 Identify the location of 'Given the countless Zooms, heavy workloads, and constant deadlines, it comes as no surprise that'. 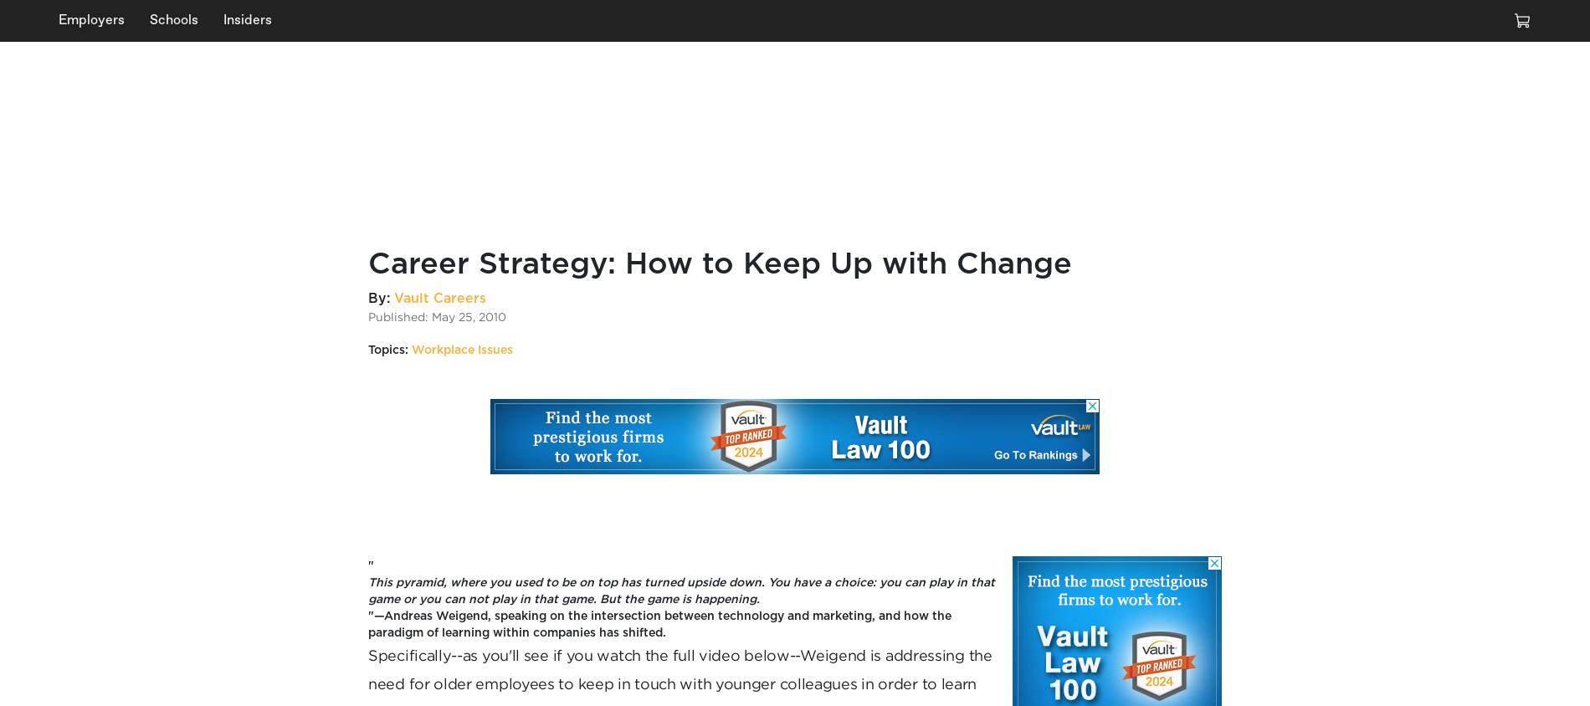
(265, 169).